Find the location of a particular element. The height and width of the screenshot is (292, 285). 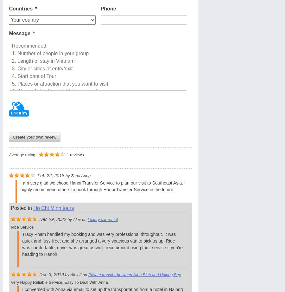

'Alex  J' is located at coordinates (75, 274).